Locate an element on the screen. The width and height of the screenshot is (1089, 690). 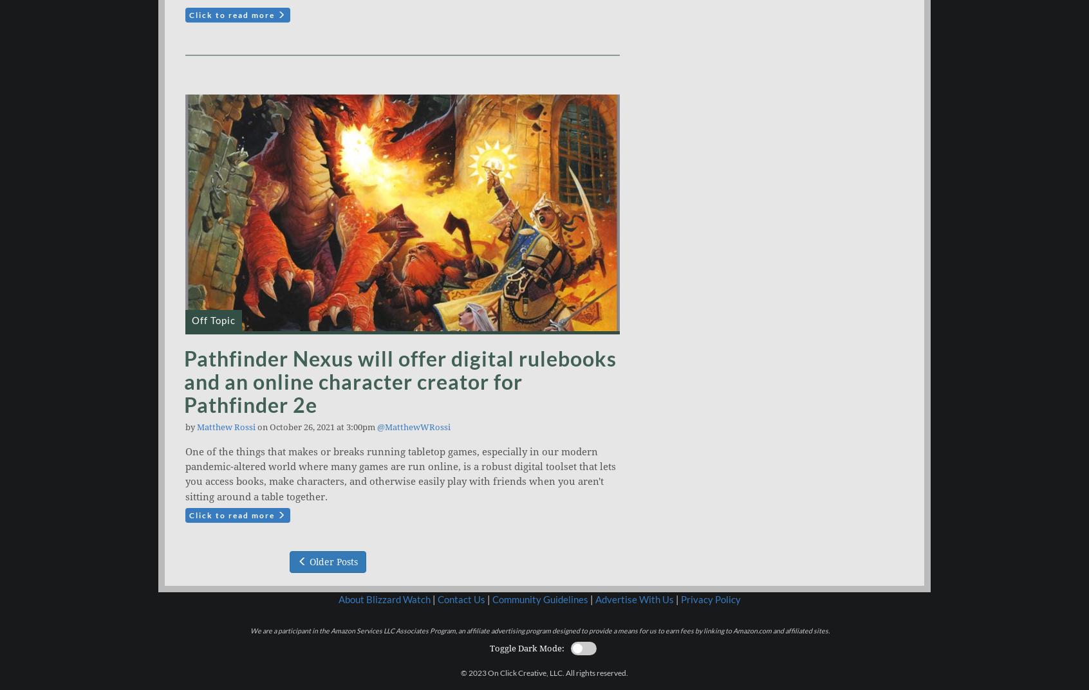
'Matthew Rossi' is located at coordinates (225, 427).